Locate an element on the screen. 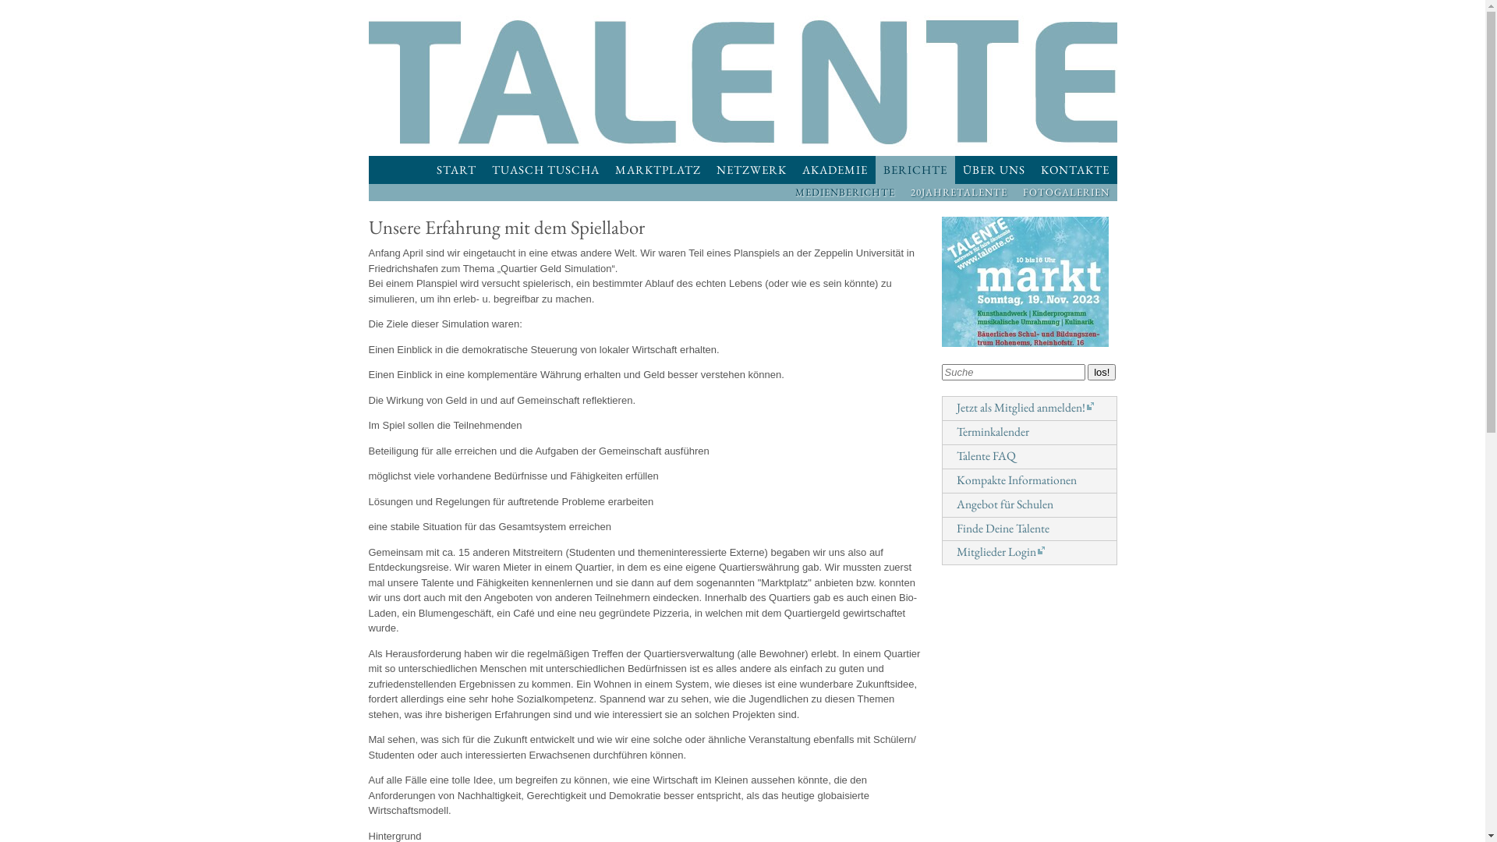 The image size is (1497, 842). 'NETZWERK' is located at coordinates (706, 170).